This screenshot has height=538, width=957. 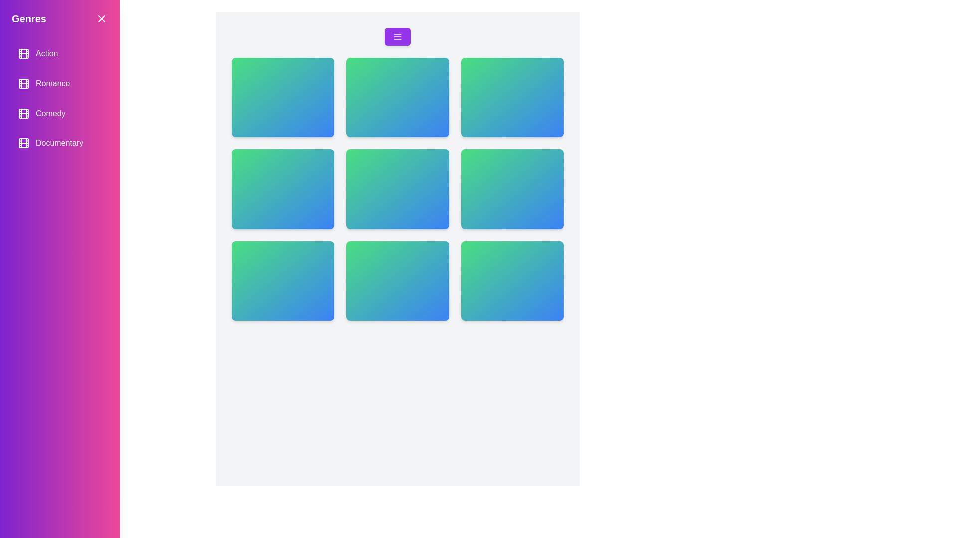 What do you see at coordinates (101, 19) in the screenshot?
I see `the close button to toggle the drawer's visibility` at bounding box center [101, 19].